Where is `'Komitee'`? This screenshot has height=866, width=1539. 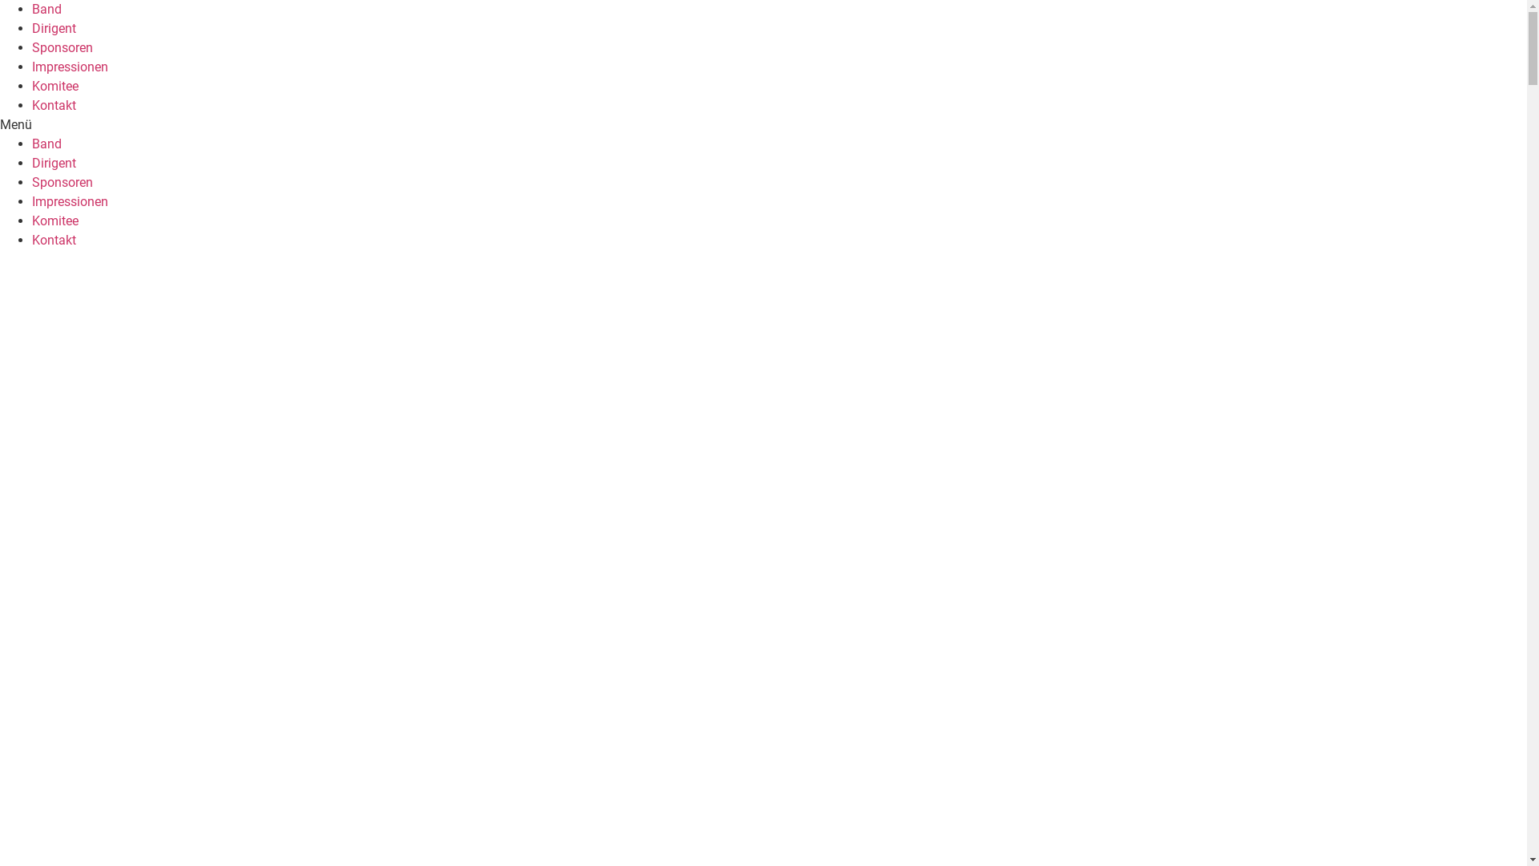
'Komitee' is located at coordinates (31, 86).